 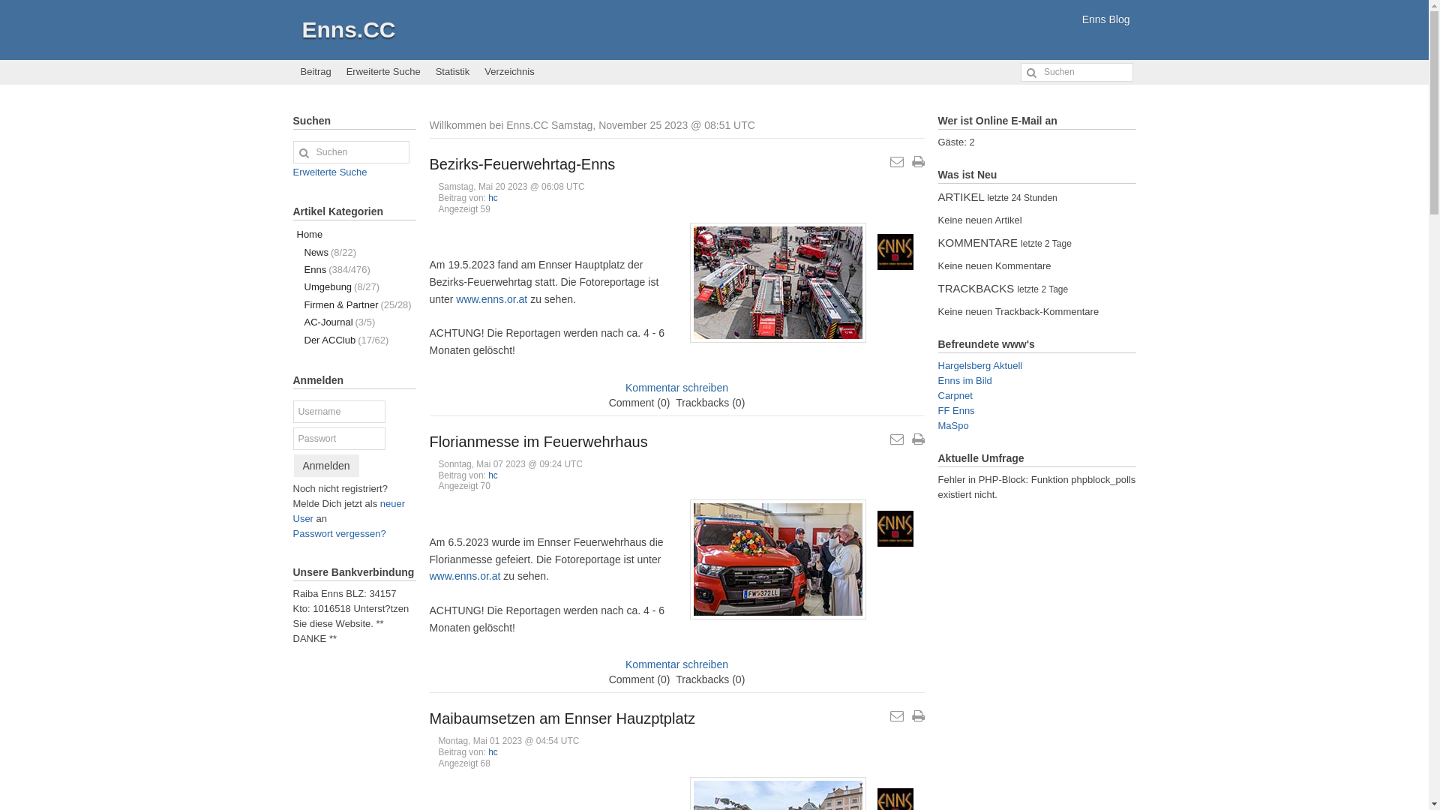 I want to click on 'News(8/22)', so click(x=352, y=251).